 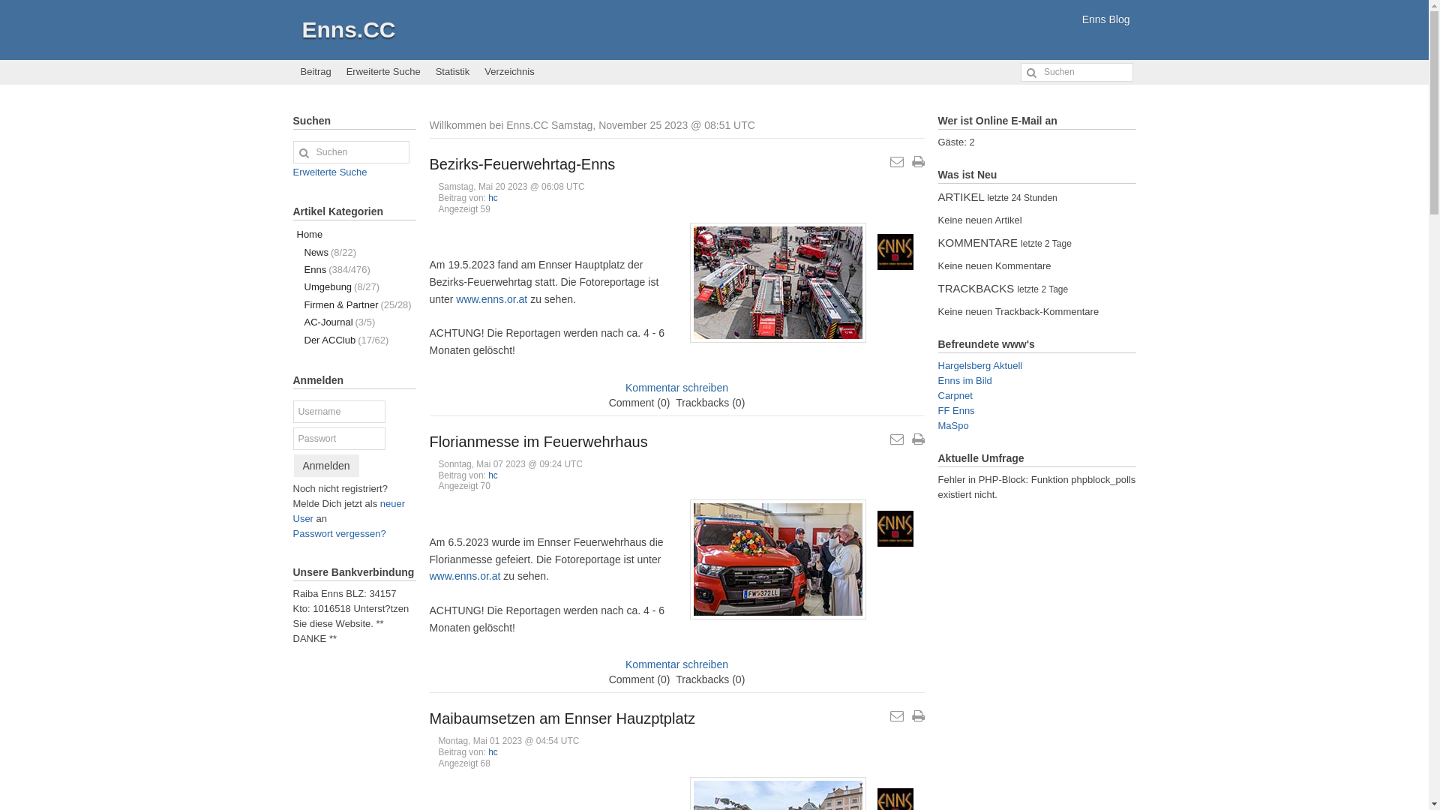 I want to click on 'News(8/22)', so click(x=352, y=251).